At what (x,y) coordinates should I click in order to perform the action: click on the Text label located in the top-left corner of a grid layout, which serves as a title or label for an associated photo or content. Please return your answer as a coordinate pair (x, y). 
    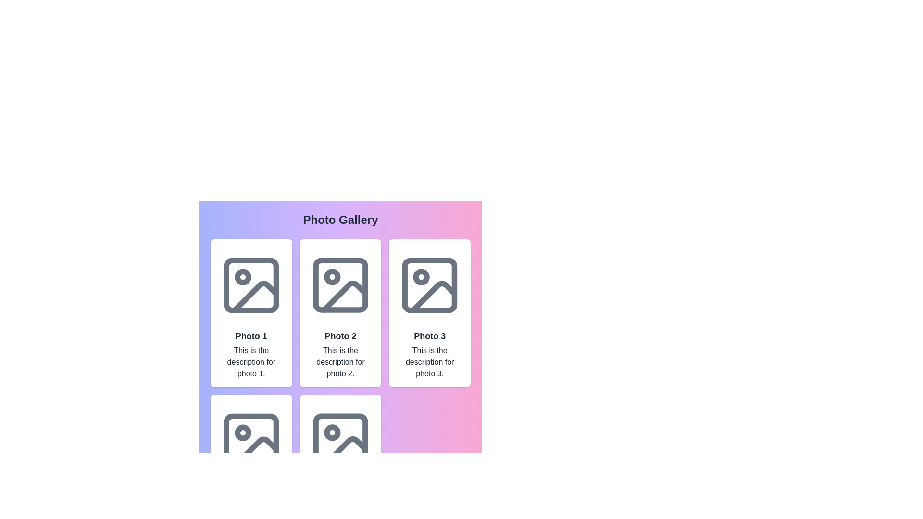
    Looking at the image, I should click on (251, 335).